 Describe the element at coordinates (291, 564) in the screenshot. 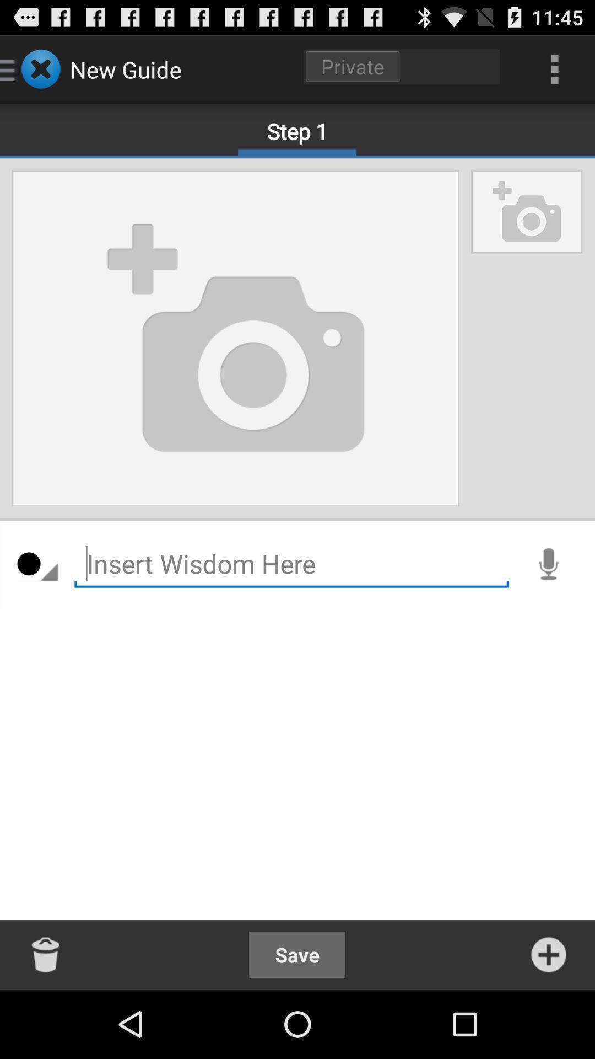

I see `text` at that location.